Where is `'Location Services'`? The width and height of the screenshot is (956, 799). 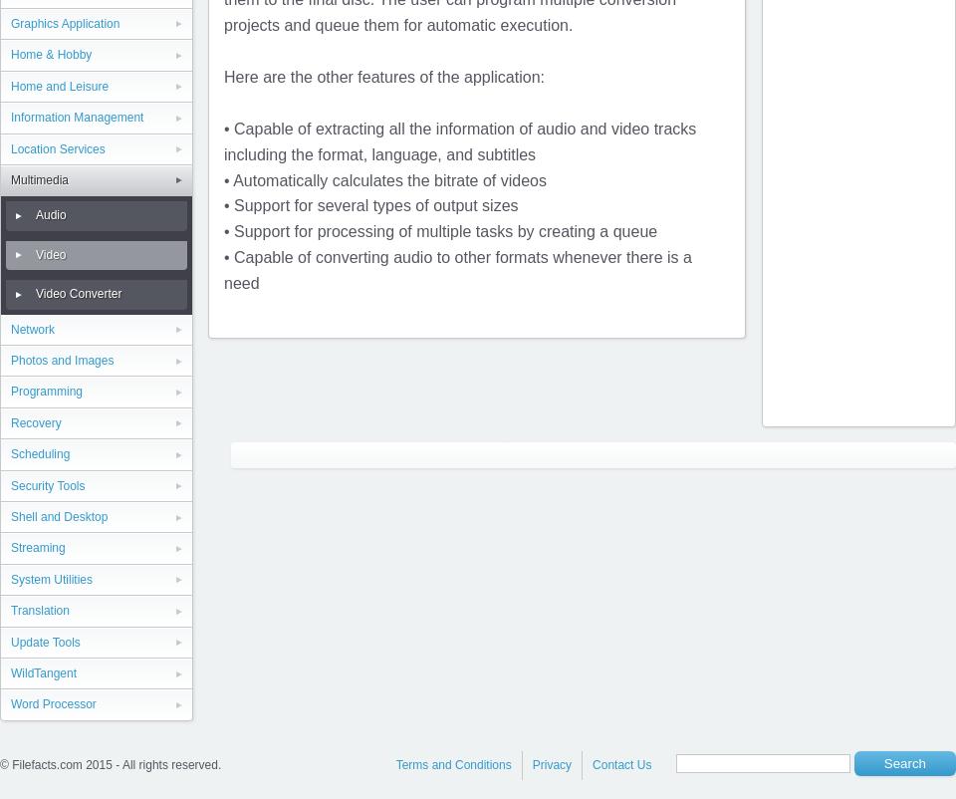
'Location Services' is located at coordinates (56, 147).